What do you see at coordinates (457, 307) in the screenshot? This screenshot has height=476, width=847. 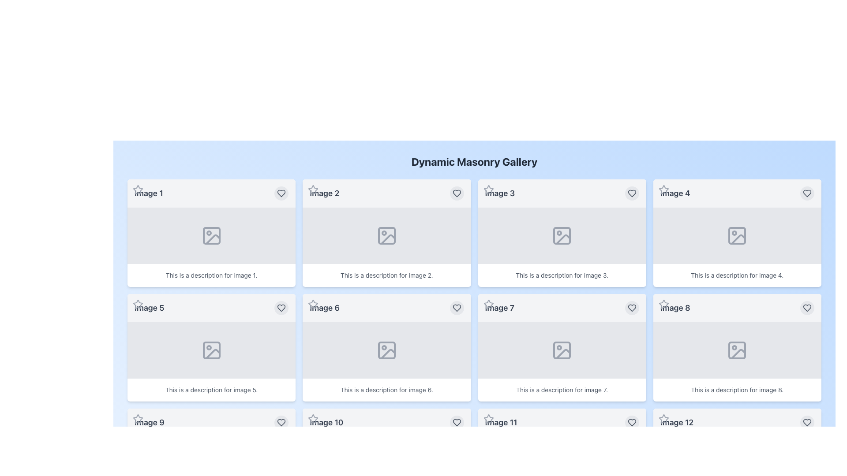 I see `the heart icon button located in the top-right corner of the card labeled 'Image 6' in the Dynamic Masonry Gallery` at bounding box center [457, 307].